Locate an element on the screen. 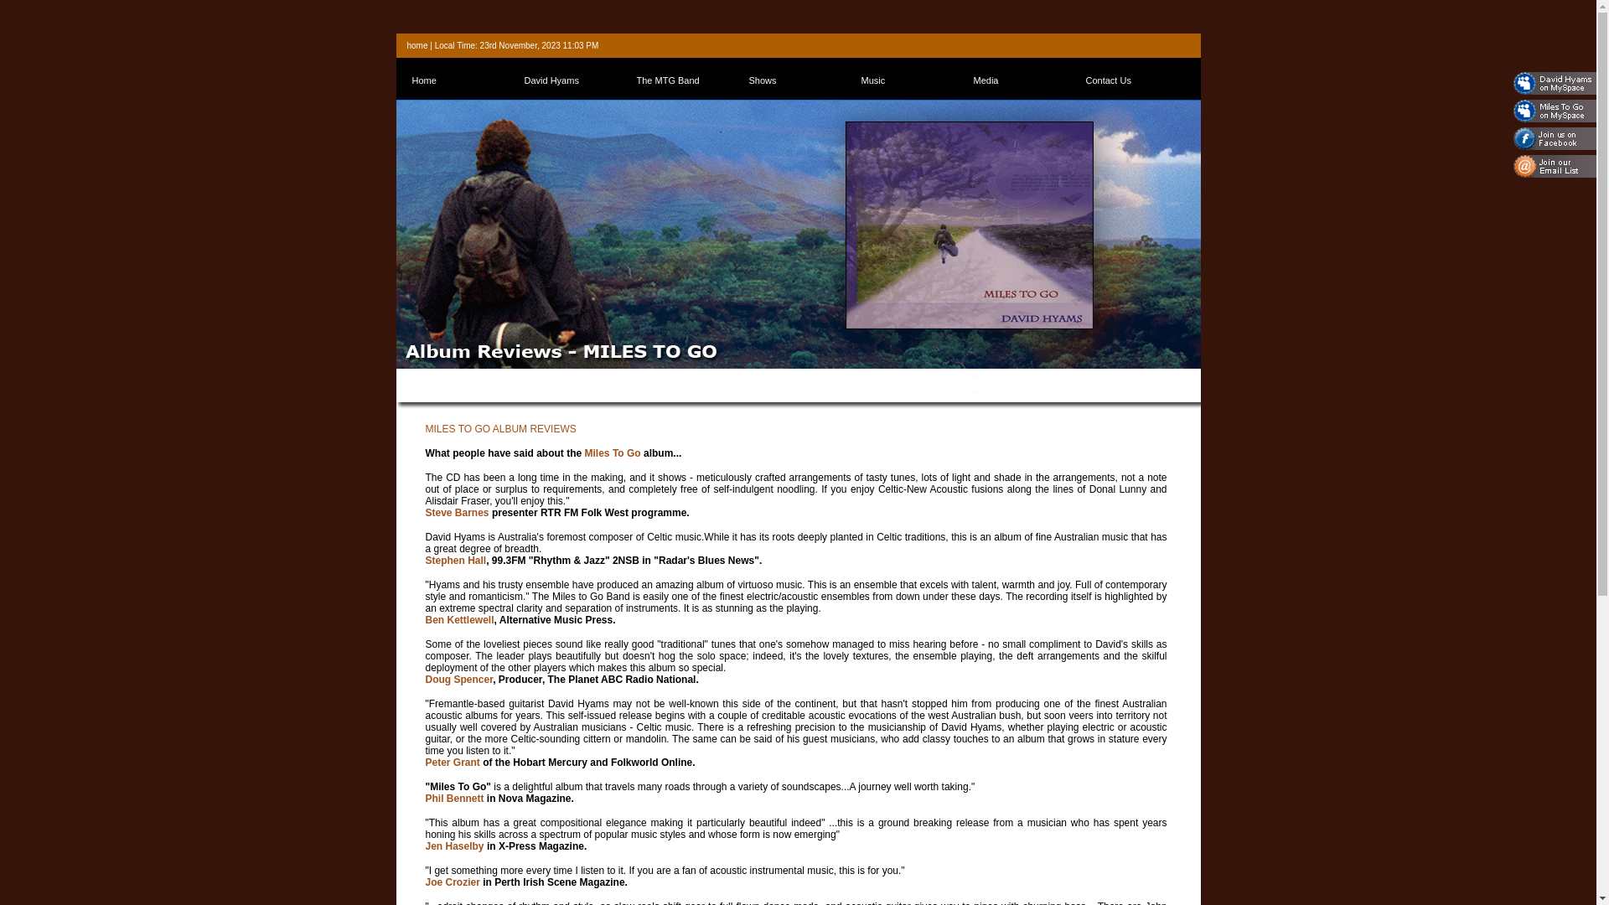 The image size is (1609, 905). 'Media' is located at coordinates (1023, 80).